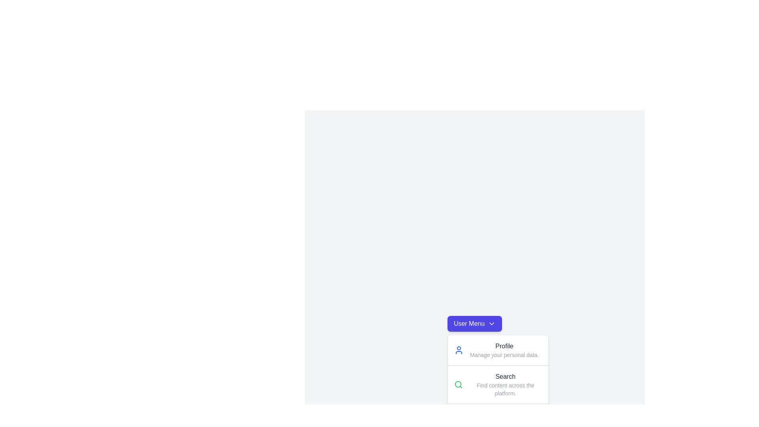 The height and width of the screenshot is (427, 759). What do you see at coordinates (491, 323) in the screenshot?
I see `the icon that serves as a visual indicator for the dropdown menu associated with the 'User Menu' button, located on the right side of the button text` at bounding box center [491, 323].